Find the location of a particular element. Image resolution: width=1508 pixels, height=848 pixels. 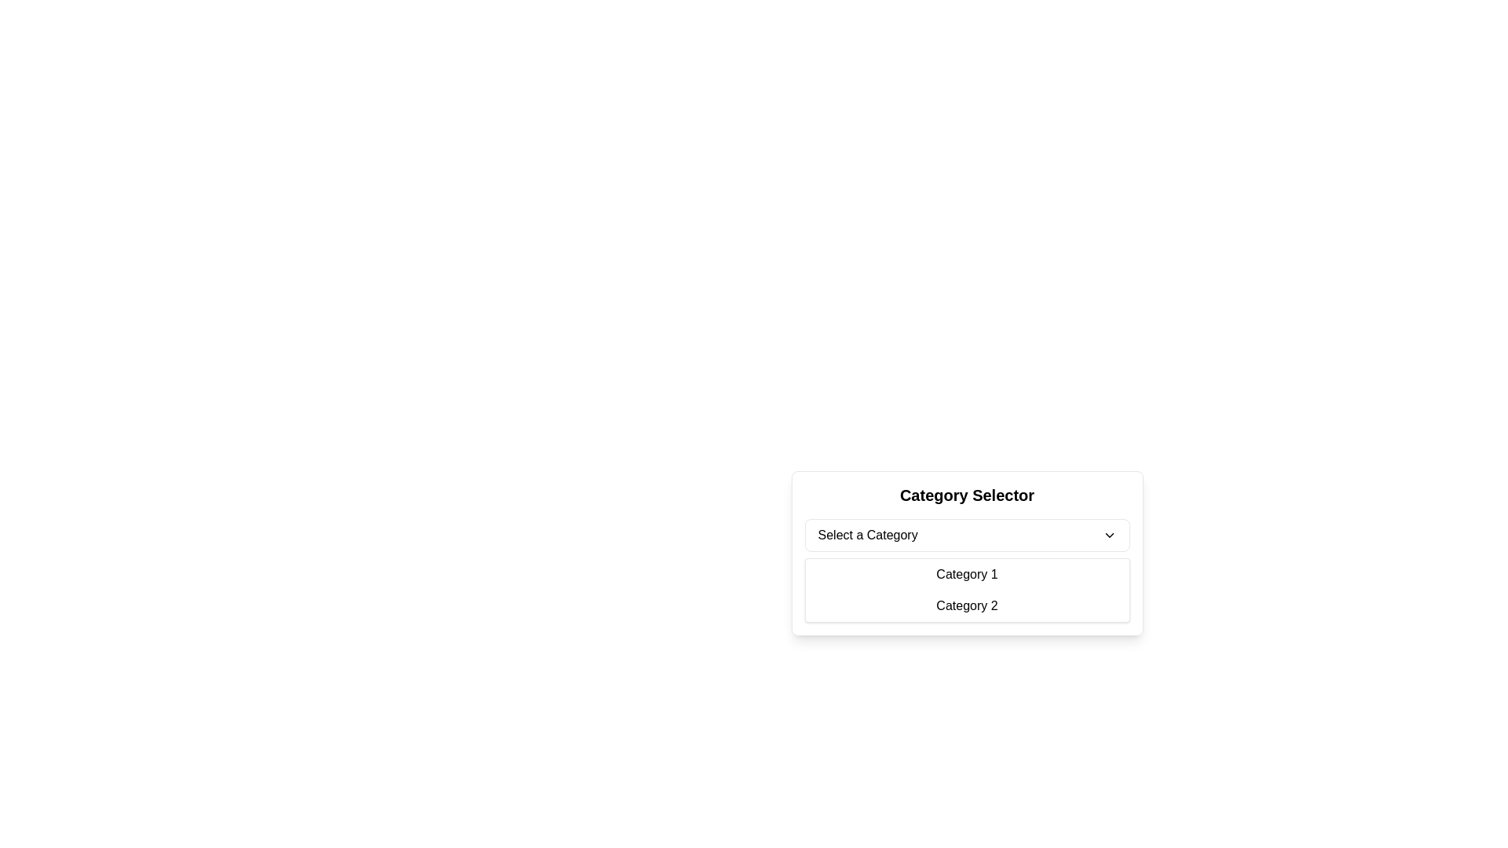

the static text label within the 'Category Selector' dropdown menu, which indicates that a category needs to be selected is located at coordinates (867, 535).